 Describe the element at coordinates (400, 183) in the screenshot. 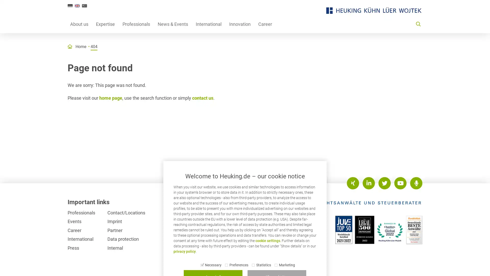

I see `Youtube` at that location.